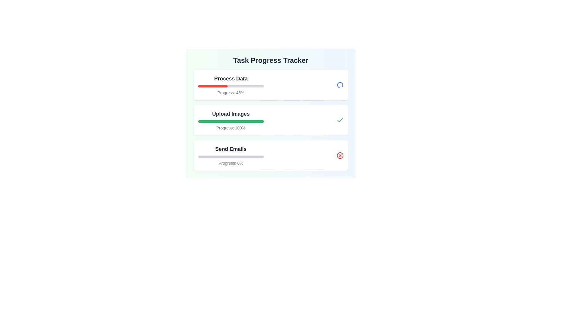 Image resolution: width=563 pixels, height=317 pixels. I want to click on the spinning animation of the Loading Spinner Icon located in the 'Process Data' card, positioned near the right side adjacent to the progress bar, so click(340, 85).